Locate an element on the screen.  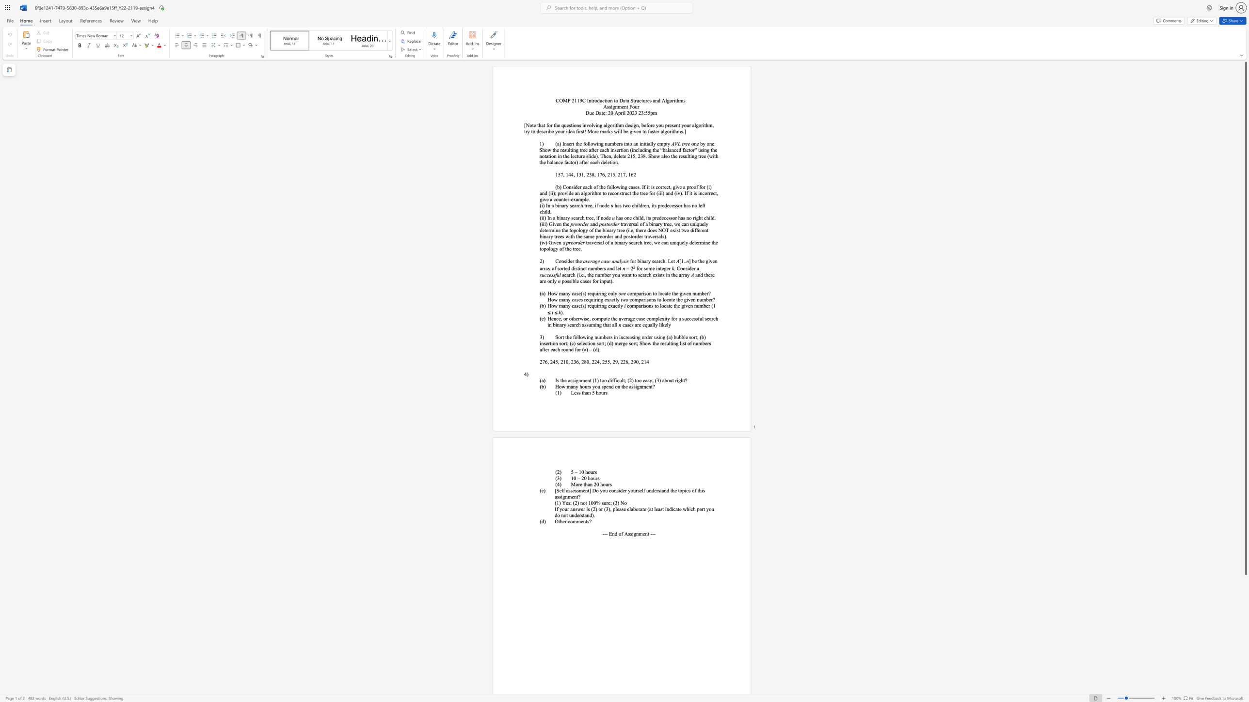
the subset text "der th" within the text "Consider the" is located at coordinates (567, 261).